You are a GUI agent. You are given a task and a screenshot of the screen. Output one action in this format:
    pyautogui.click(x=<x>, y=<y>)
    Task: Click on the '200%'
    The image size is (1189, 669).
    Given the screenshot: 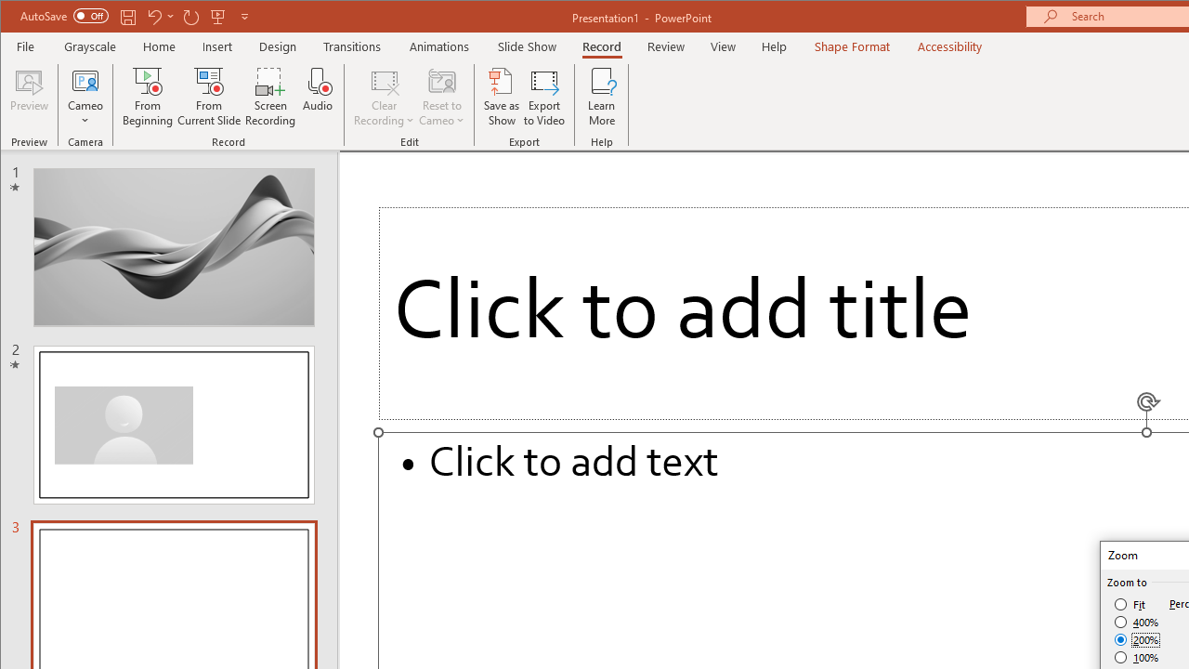 What is the action you would take?
    pyautogui.click(x=1136, y=639)
    